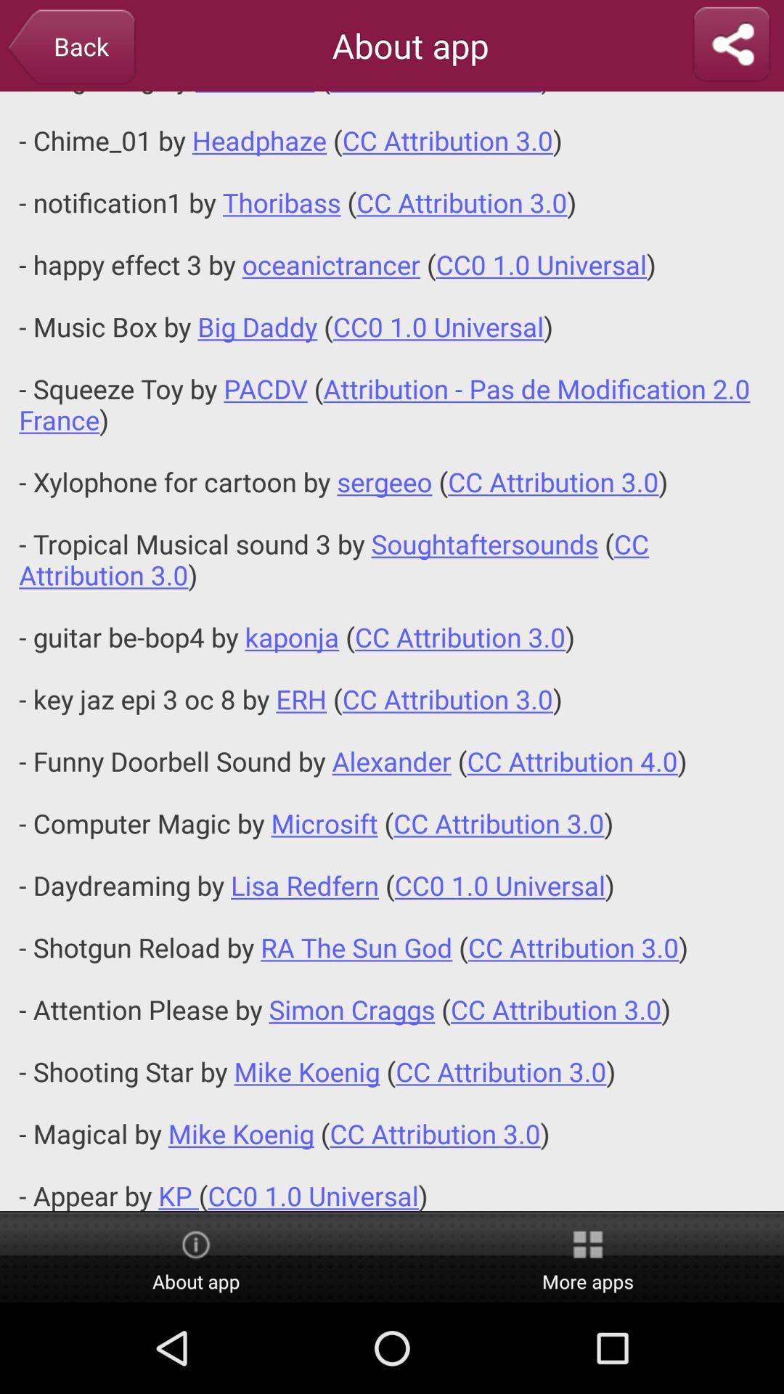 This screenshot has height=1394, width=784. What do you see at coordinates (731, 45) in the screenshot?
I see `the item next to the about app` at bounding box center [731, 45].